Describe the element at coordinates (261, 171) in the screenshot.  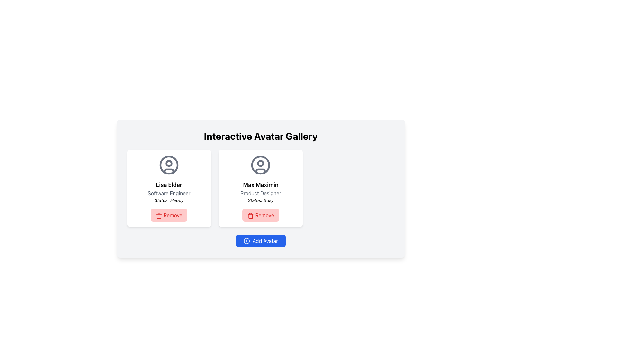
I see `the decorative graphic element that is part of the user avatar illustration for 'Max Maximin', located below the gray circle representing the head in the second card of the 'Interactive Avatar Gallery'` at that location.